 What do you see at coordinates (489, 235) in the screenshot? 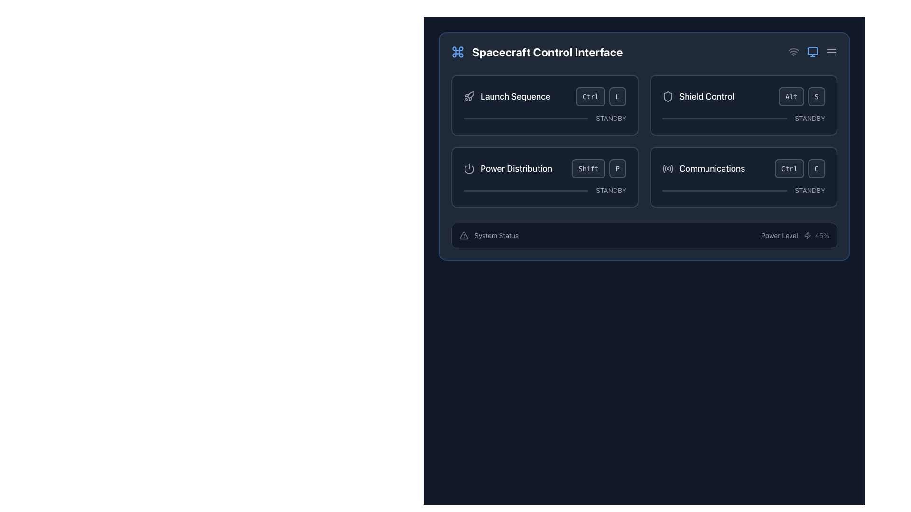
I see `the non-interactive informational label displaying the system's current state or status, which is positioned towards the bottom-left corner of its section` at bounding box center [489, 235].